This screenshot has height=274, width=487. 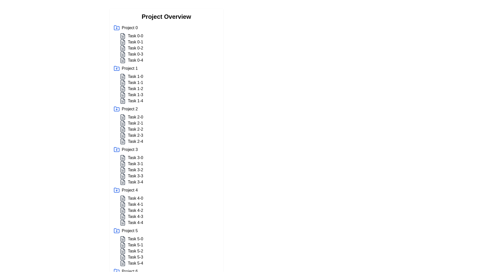 I want to click on the icon representing 'Task 1-1', which is positioned immediately to the left of the task label in the list of tasks under 'Project 1', so click(x=123, y=82).